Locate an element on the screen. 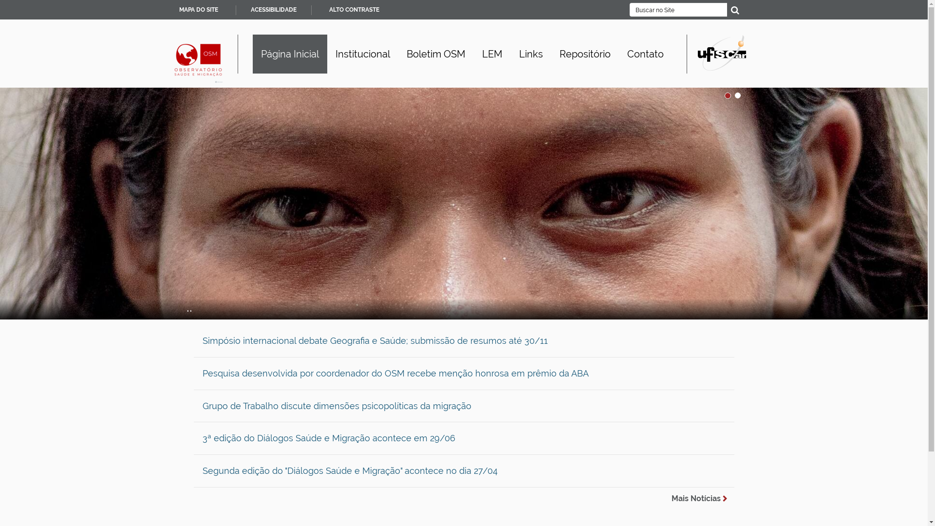 This screenshot has width=935, height=526. 'Buscar no Site' is located at coordinates (677, 9).